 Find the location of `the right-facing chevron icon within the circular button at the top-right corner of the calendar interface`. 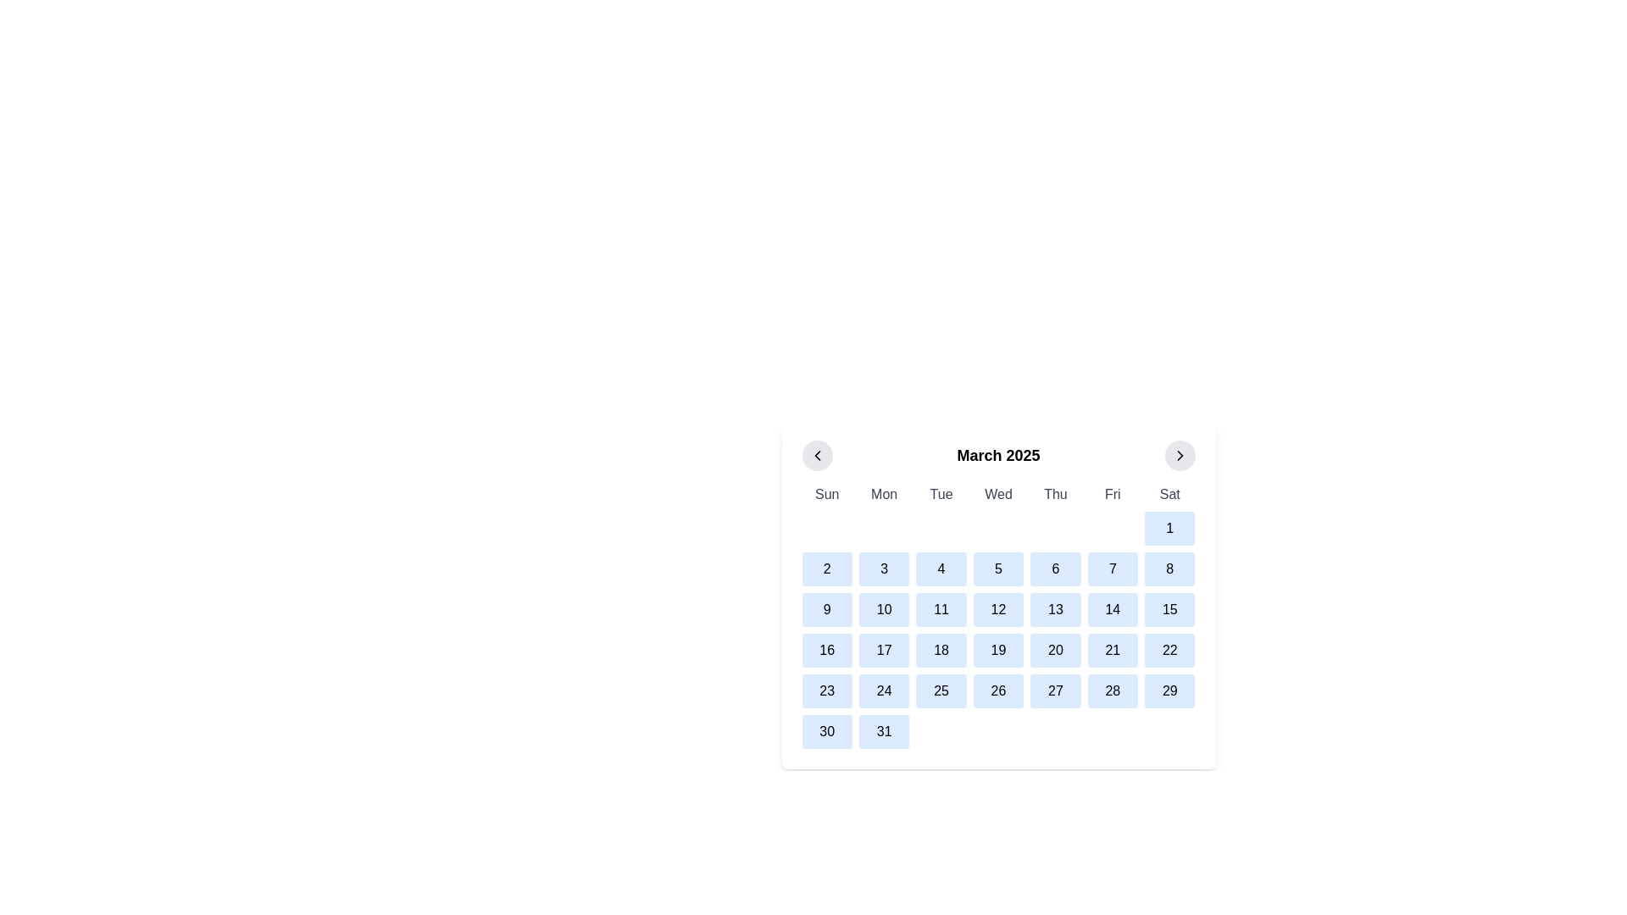

the right-facing chevron icon within the circular button at the top-right corner of the calendar interface is located at coordinates (1179, 454).